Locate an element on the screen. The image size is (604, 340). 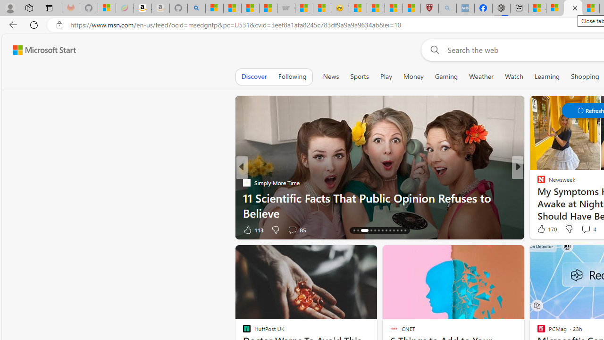
'AutomationID: tab-22' is located at coordinates (390, 230).